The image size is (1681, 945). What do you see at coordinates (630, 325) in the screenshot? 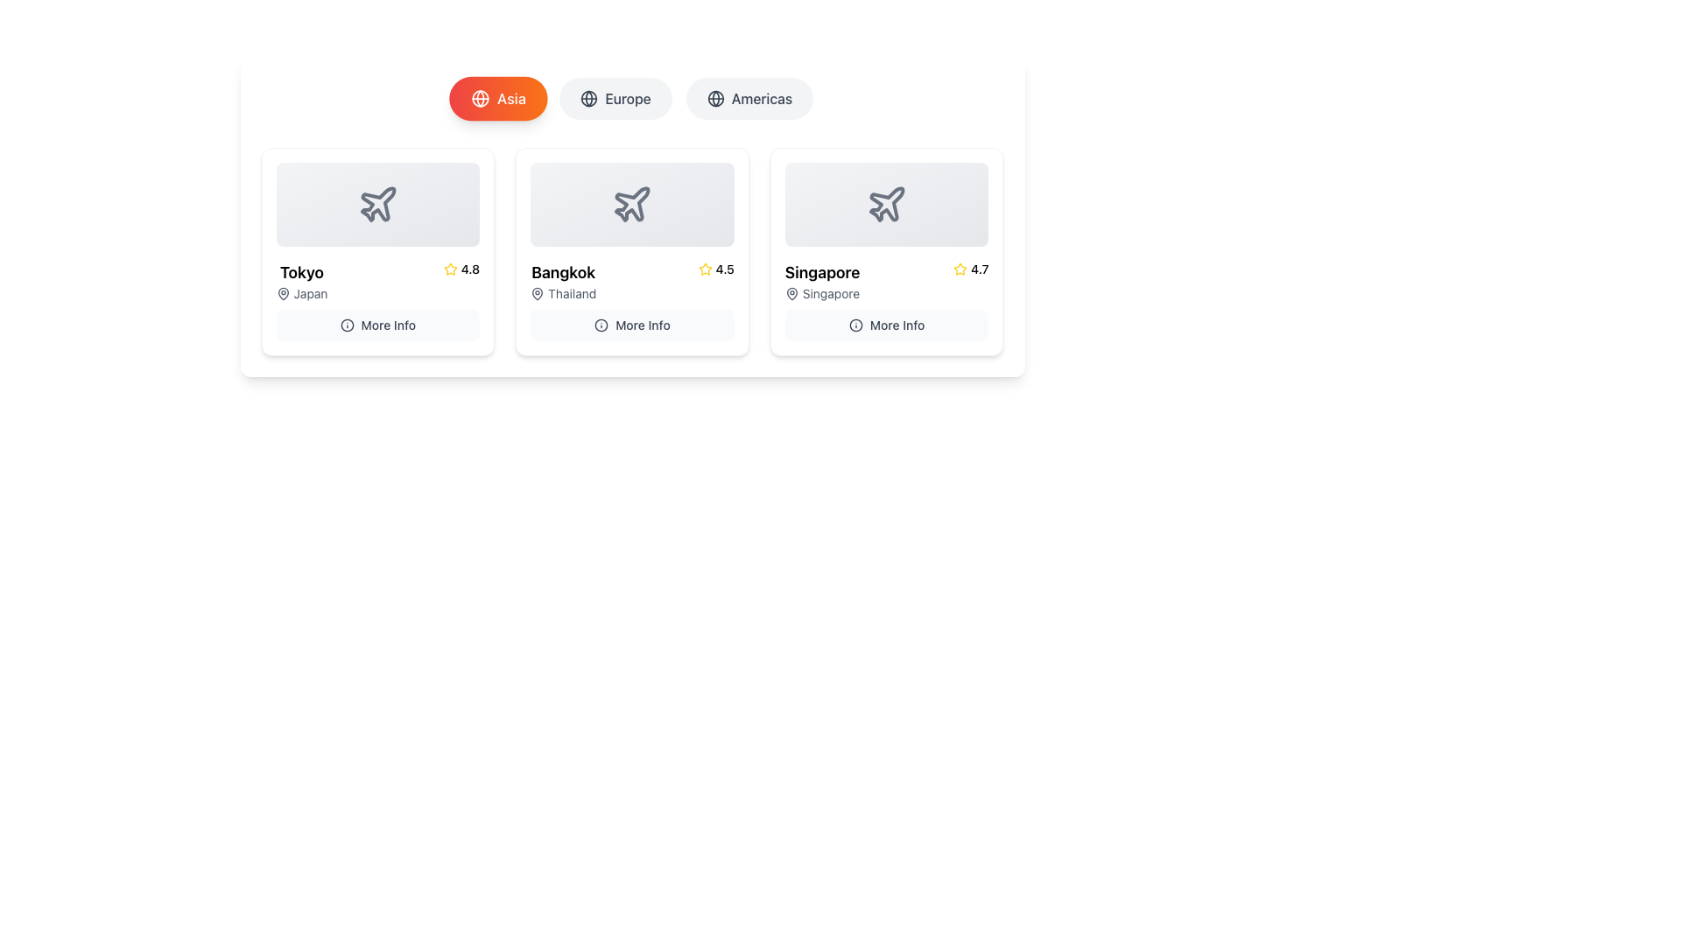
I see `the 'More Info' button located at the bottom of the 'Bangkok' card, which features an information icon and changes color on hover` at bounding box center [630, 325].